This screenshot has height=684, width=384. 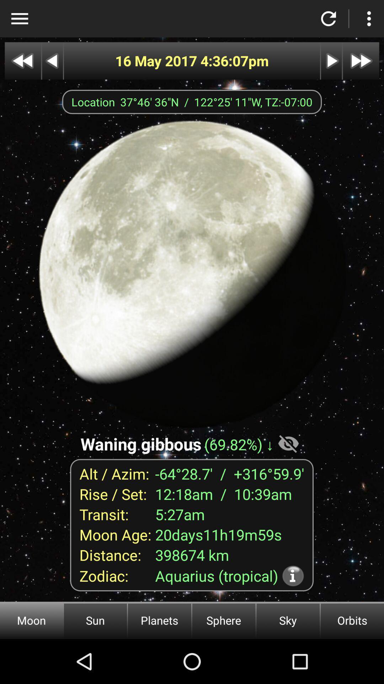 What do you see at coordinates (293, 576) in the screenshot?
I see `more information` at bounding box center [293, 576].